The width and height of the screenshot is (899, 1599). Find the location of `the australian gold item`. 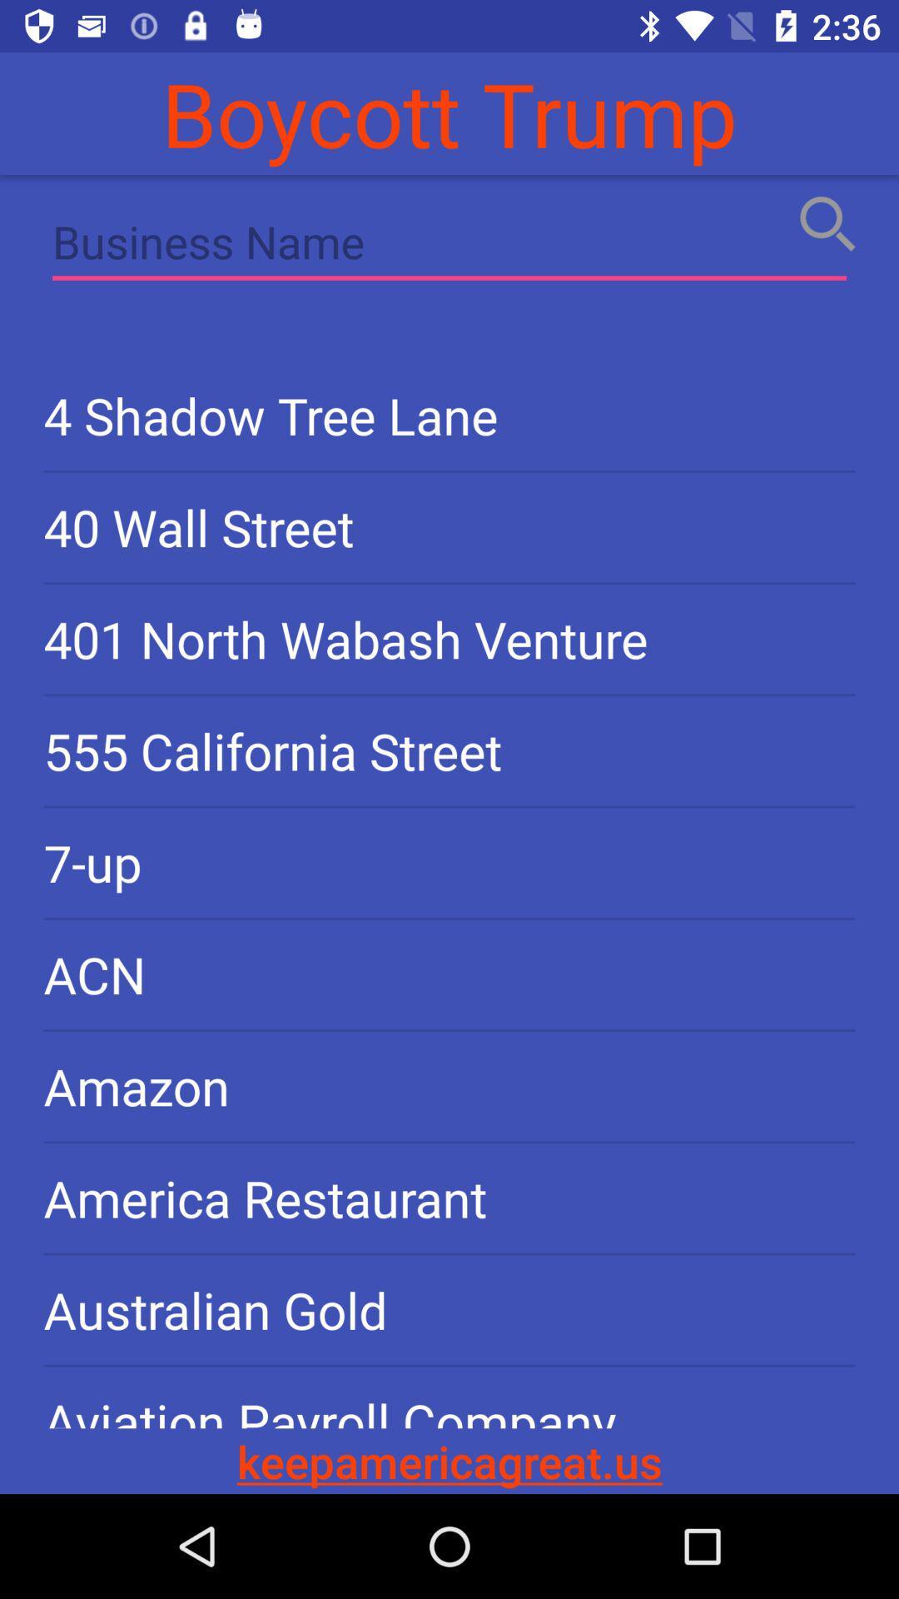

the australian gold item is located at coordinates (449, 1309).